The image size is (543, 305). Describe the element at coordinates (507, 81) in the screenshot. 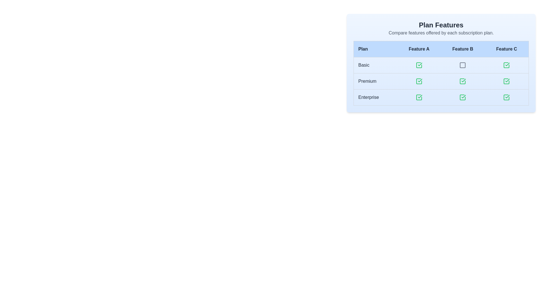

I see `the 'Premium' plan icon that indicates the inclusion of 'Feature C.' It is located within the row for 'Premium' plan and under the column labeled 'Feature C.'` at that location.